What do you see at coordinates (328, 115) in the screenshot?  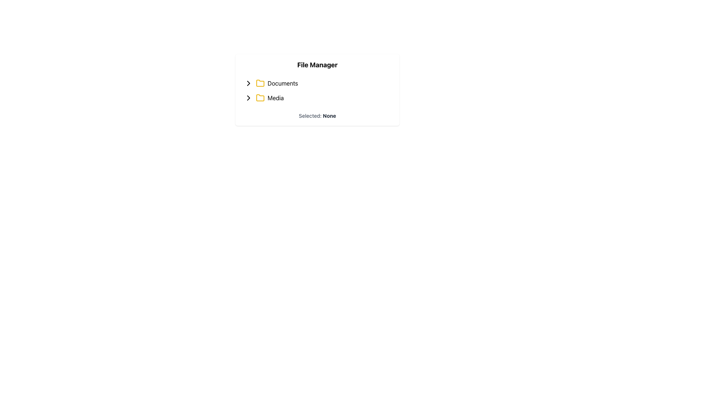 I see `the text label that reads 'None', which is styled in bold dark gray, located immediately to the right of 'Selected:' in the file manager interface` at bounding box center [328, 115].